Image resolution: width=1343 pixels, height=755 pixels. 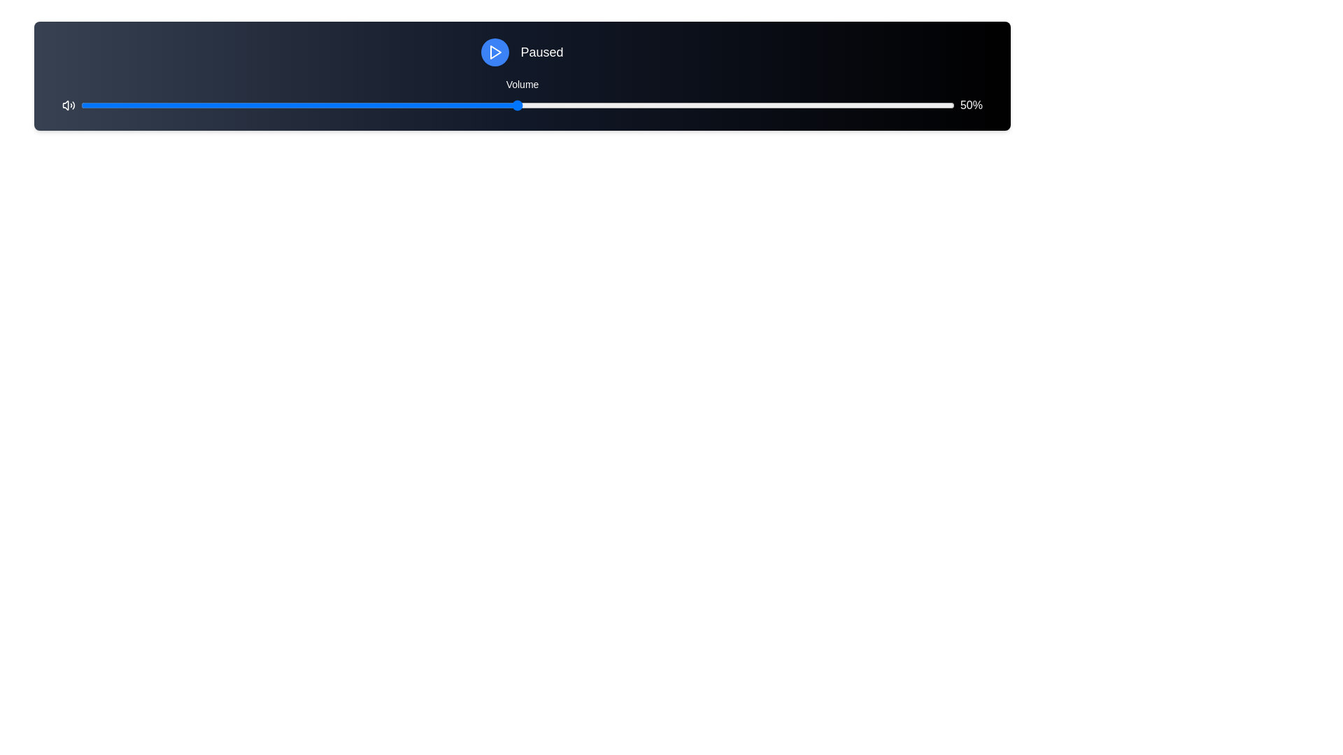 I want to click on the volume, so click(x=307, y=104).